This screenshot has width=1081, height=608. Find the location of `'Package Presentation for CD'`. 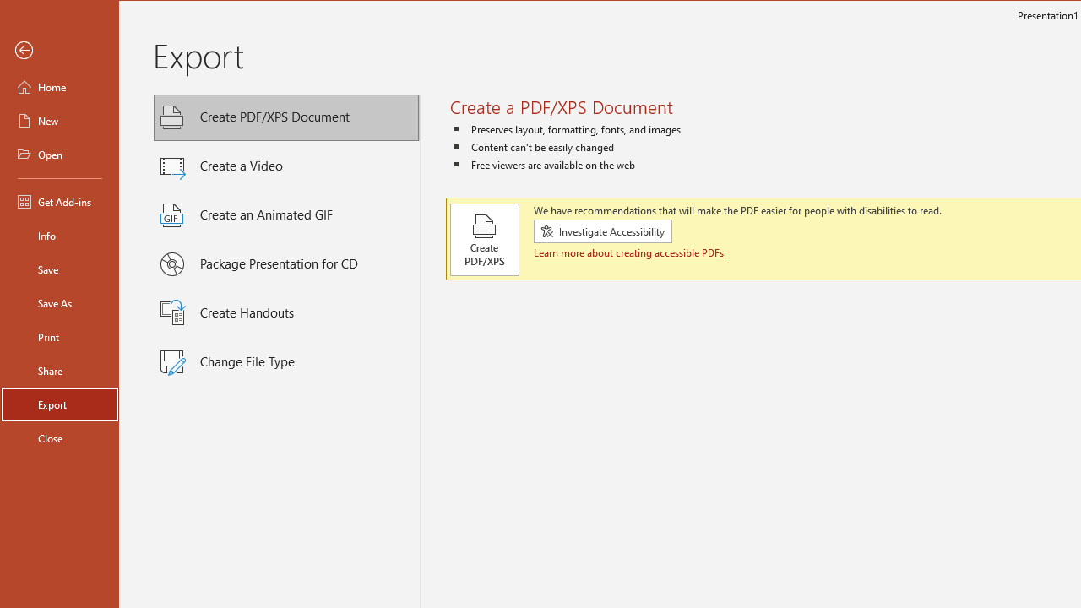

'Package Presentation for CD' is located at coordinates (286, 264).